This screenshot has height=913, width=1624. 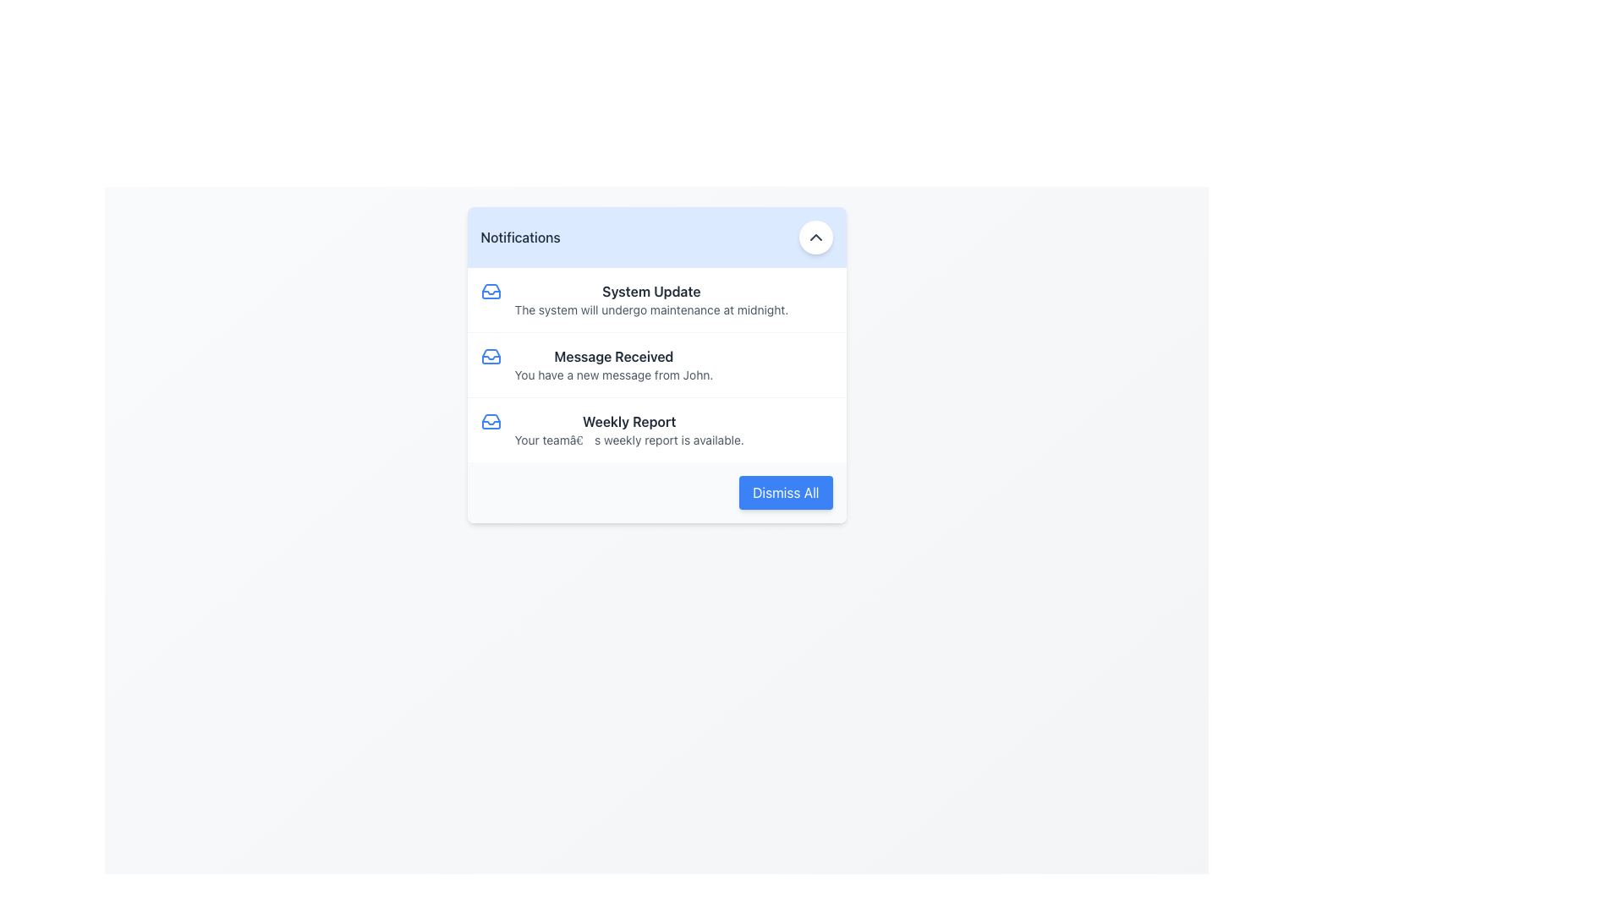 What do you see at coordinates (656, 364) in the screenshot?
I see `the second notification in the list that informs the user about a new message from John` at bounding box center [656, 364].